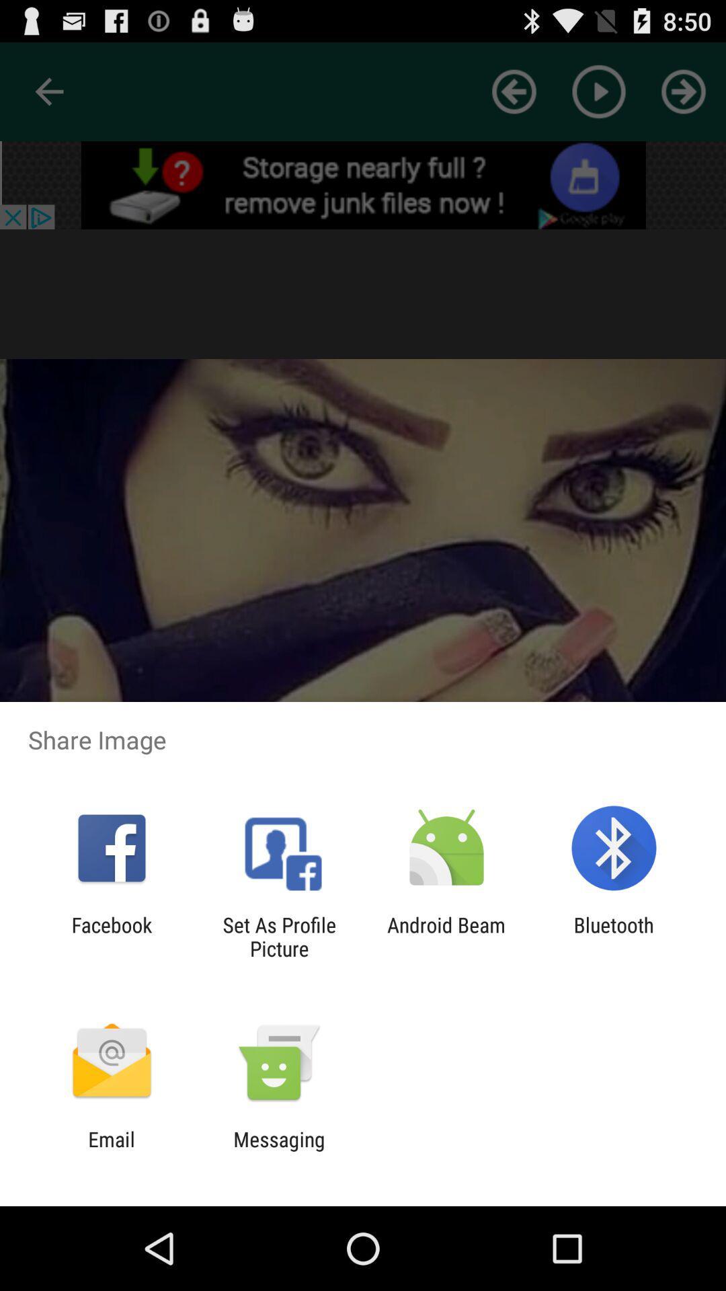  I want to click on app to the right of set as profile app, so click(446, 936).